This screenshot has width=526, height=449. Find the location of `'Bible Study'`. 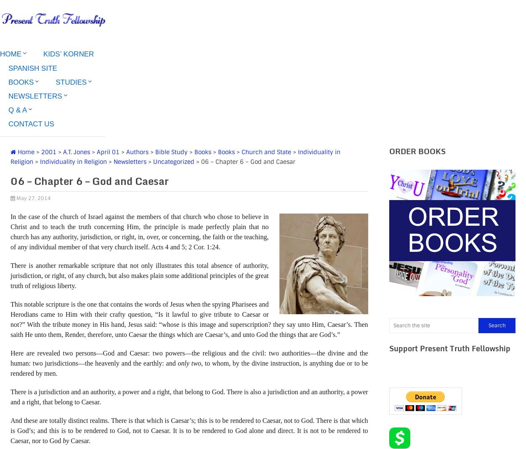

'Bible Study' is located at coordinates (155, 151).